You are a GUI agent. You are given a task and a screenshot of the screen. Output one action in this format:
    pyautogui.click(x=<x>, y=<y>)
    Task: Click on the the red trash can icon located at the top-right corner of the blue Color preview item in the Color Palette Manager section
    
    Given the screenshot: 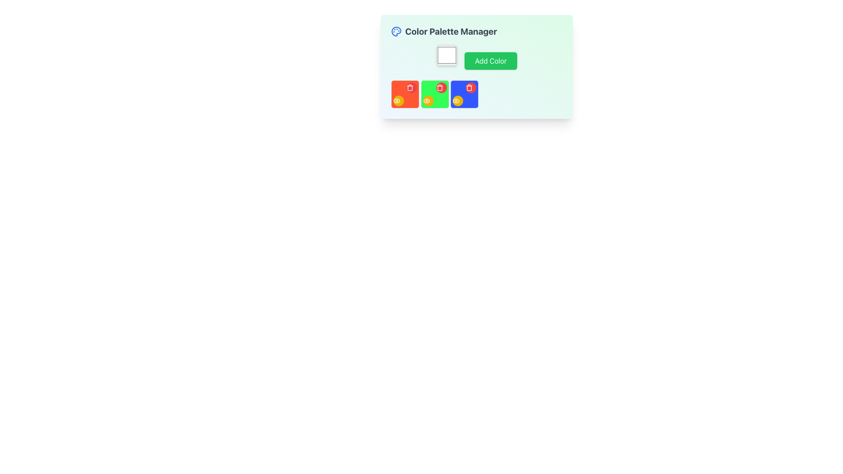 What is the action you would take?
    pyautogui.click(x=476, y=94)
    